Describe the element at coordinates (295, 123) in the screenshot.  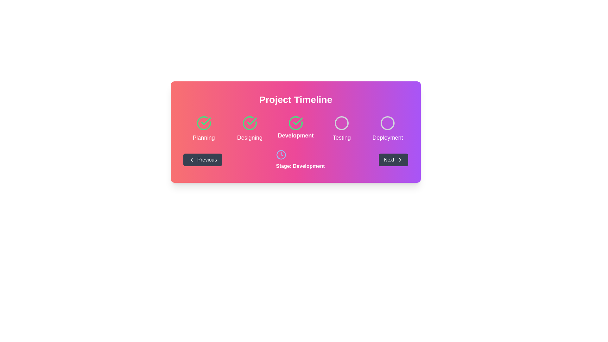
I see `the SVG graphical representation indicating progress for the 'Development' stage in the timeline, specifically the third milestone indicator` at that location.